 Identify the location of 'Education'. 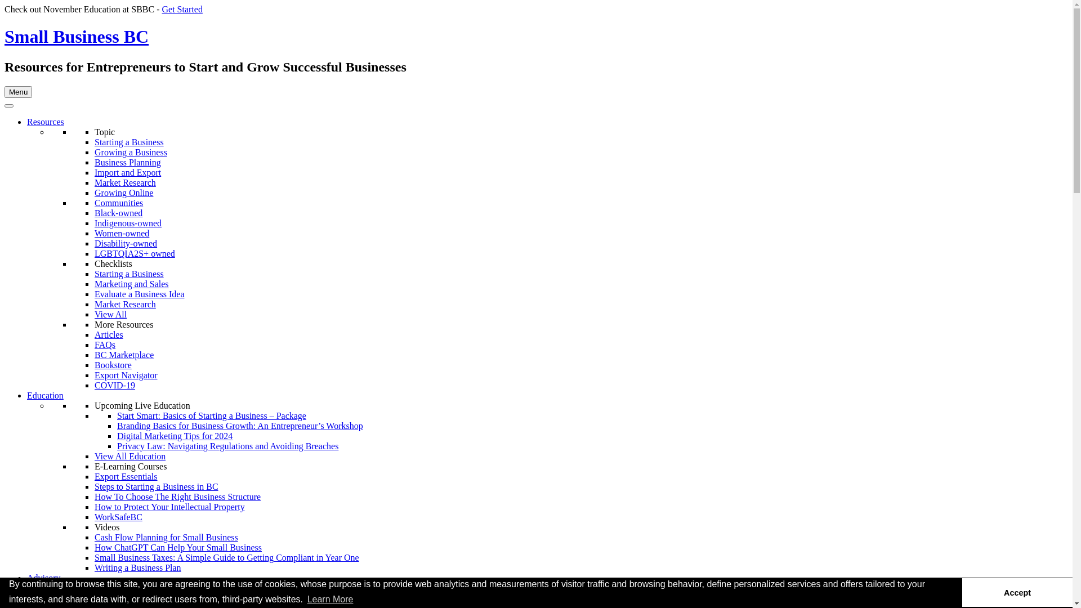
(45, 395).